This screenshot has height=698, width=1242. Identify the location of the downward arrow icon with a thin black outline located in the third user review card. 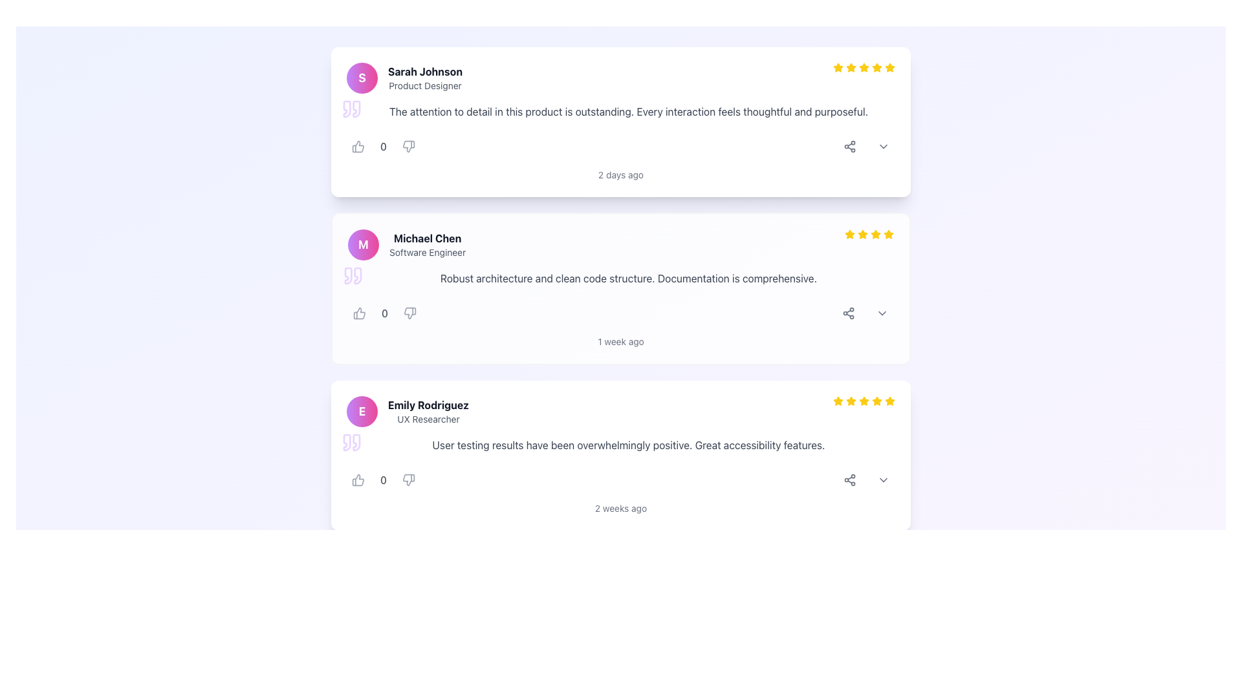
(883, 480).